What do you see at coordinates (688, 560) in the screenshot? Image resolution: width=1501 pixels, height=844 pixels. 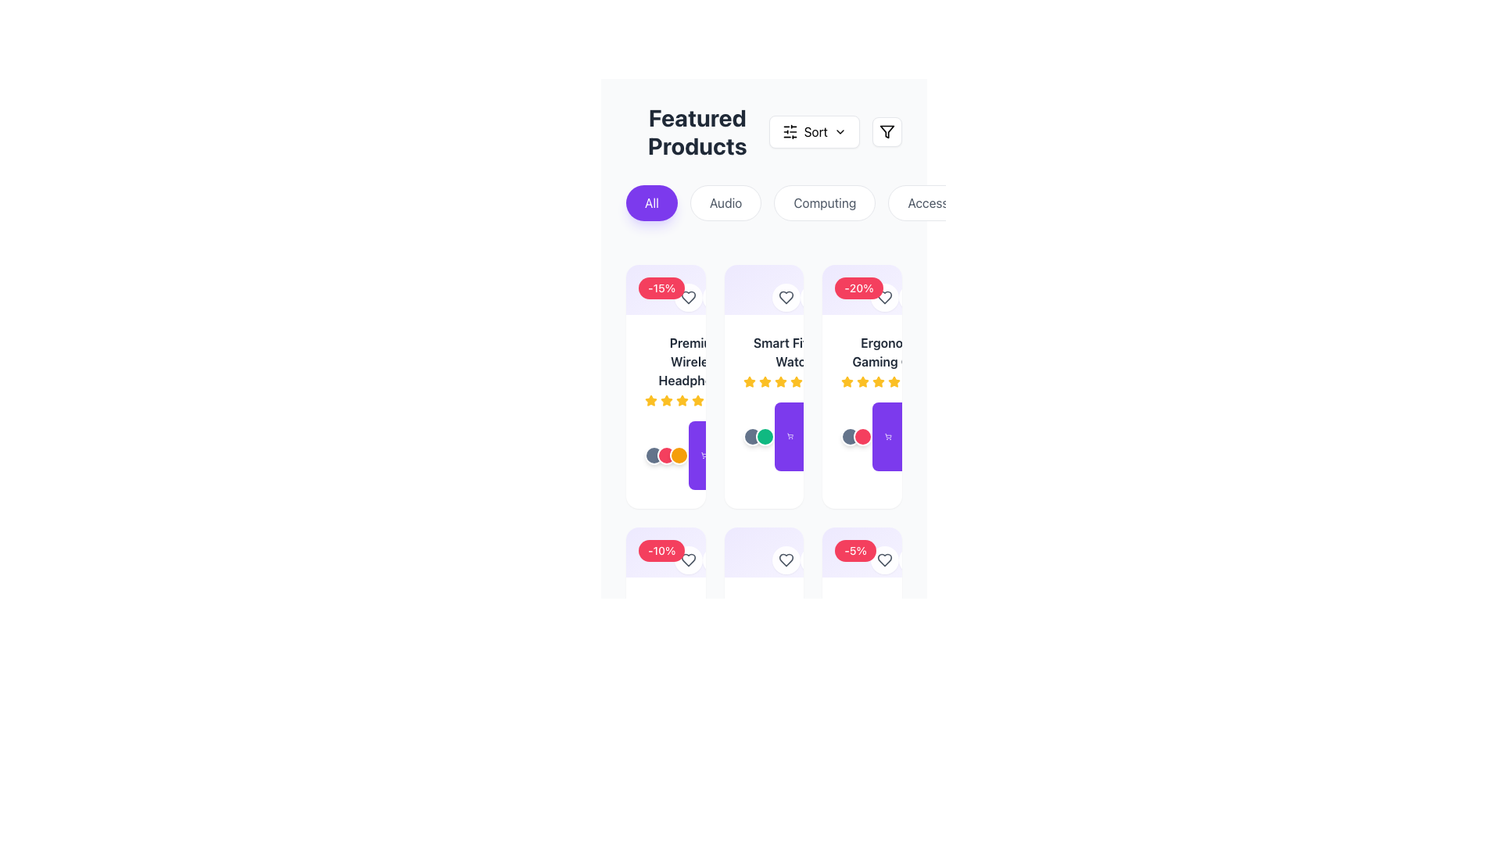 I see `the heart icon button in the top-right corner of the product information card` at bounding box center [688, 560].